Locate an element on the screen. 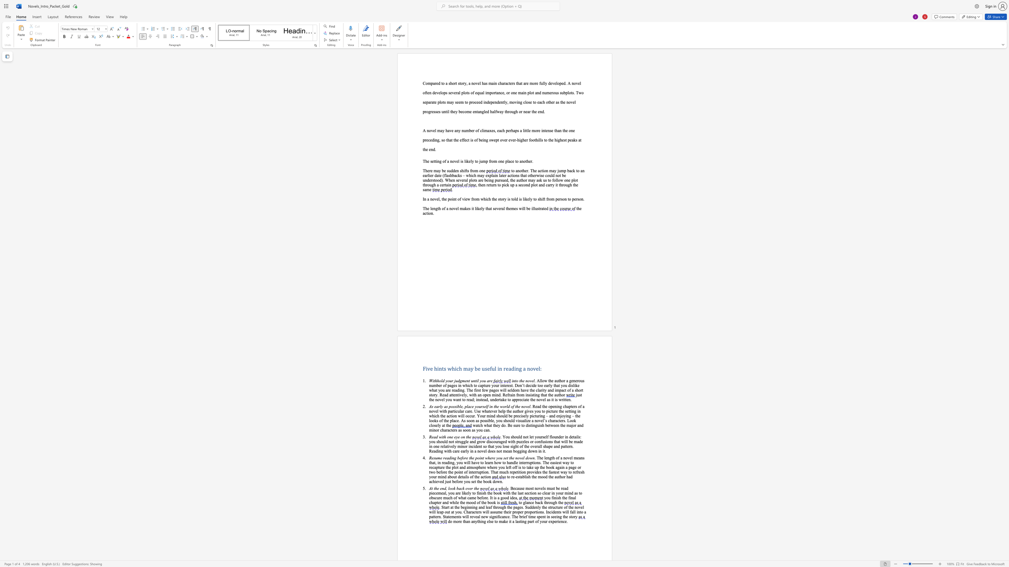 Image resolution: width=1009 pixels, height=567 pixels. the subset text "ing, so that the effect is of being swept ov" within the text "little more intense than the one preceding, so that the effect is of being swept over ever-higher foothills to the highest peaks at the end." is located at coordinates (434, 140).